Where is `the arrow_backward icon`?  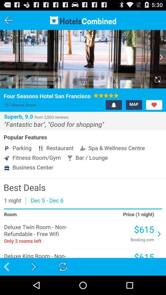 the arrow_backward icon is located at coordinates (8, 22).